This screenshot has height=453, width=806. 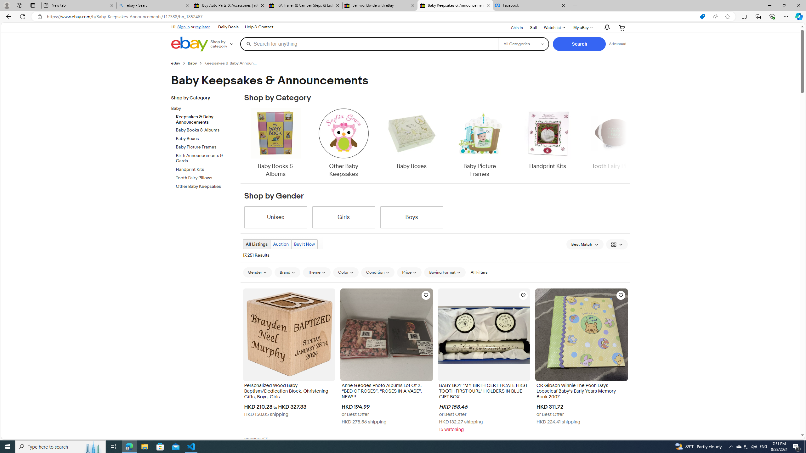 I want to click on 'Other Baby Keepsakes', so click(x=343, y=143).